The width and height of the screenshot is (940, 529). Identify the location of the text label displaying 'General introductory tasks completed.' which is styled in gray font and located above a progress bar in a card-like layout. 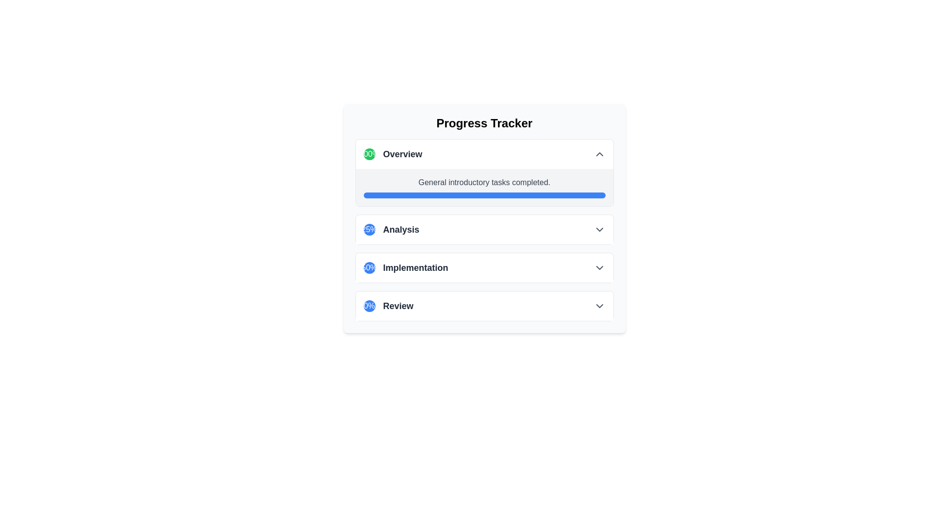
(484, 183).